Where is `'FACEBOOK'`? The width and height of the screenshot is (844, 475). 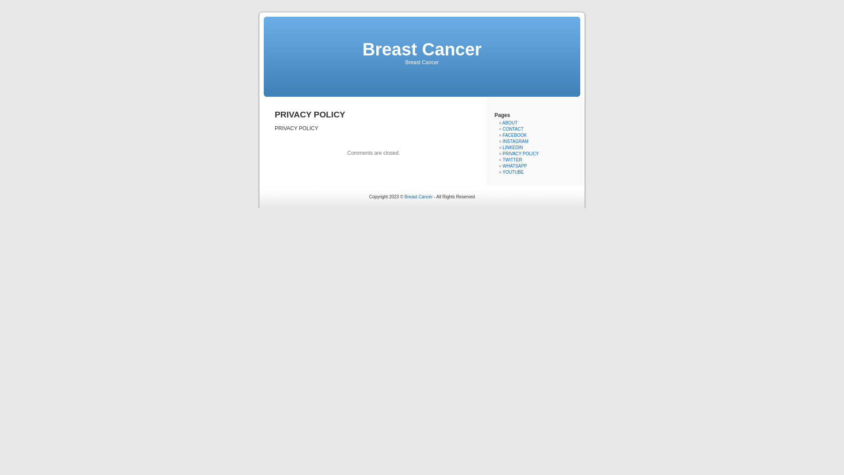
'FACEBOOK' is located at coordinates (514, 135).